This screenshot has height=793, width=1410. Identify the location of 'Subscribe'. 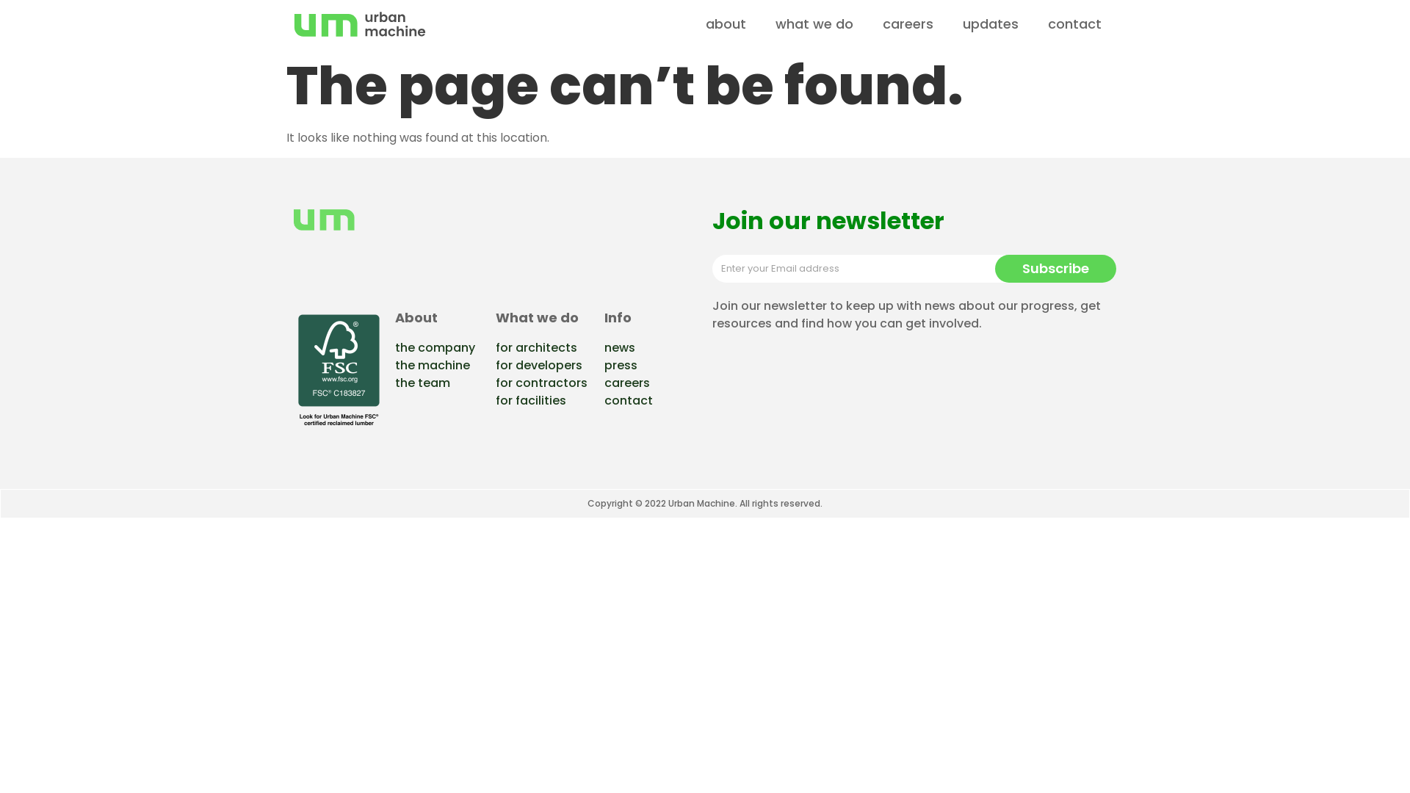
(994, 269).